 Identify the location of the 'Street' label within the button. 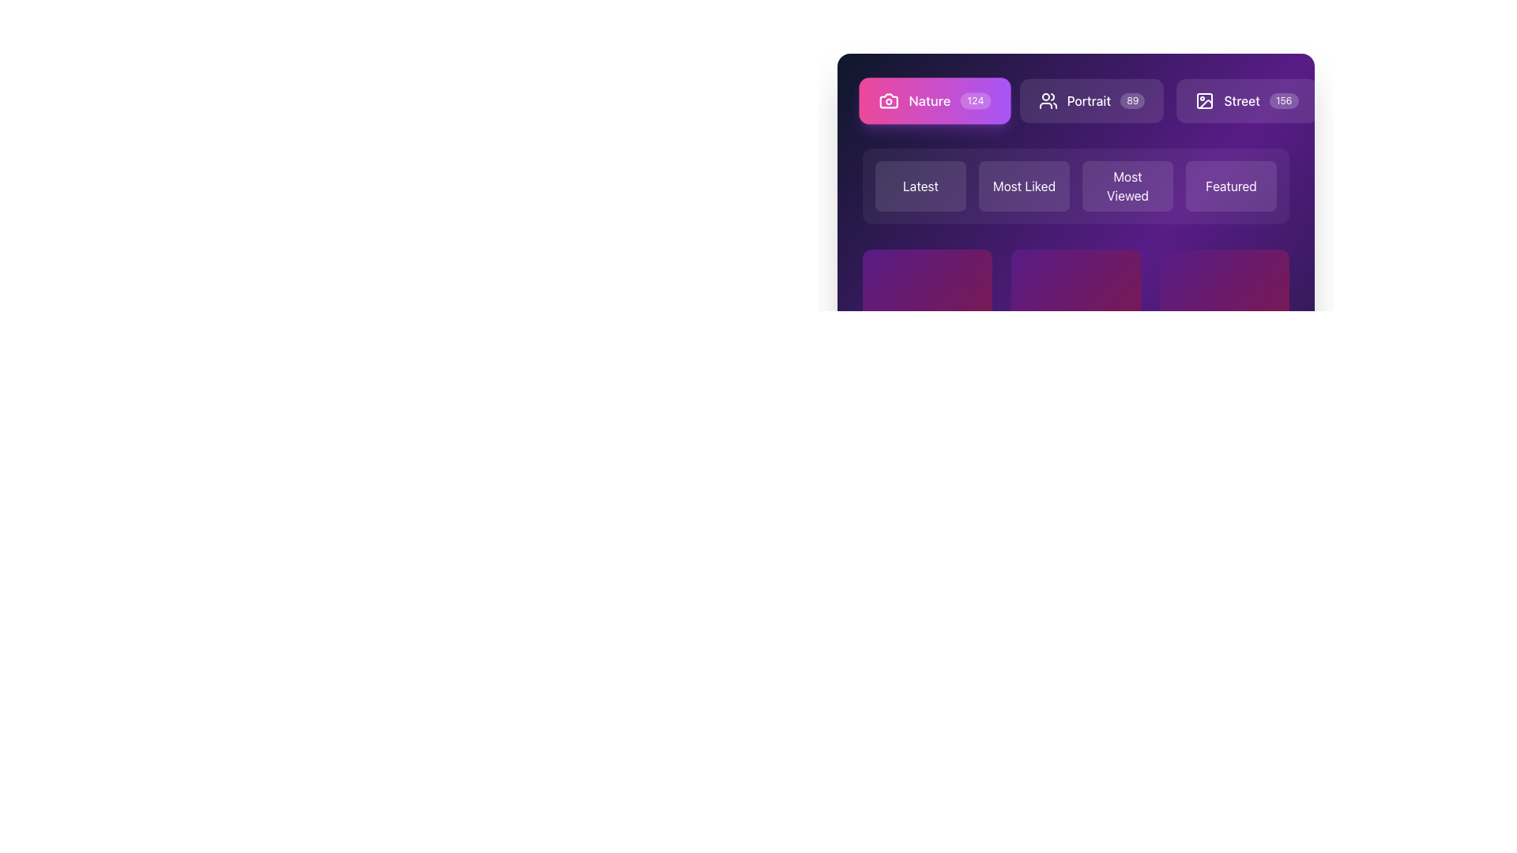
(1241, 100).